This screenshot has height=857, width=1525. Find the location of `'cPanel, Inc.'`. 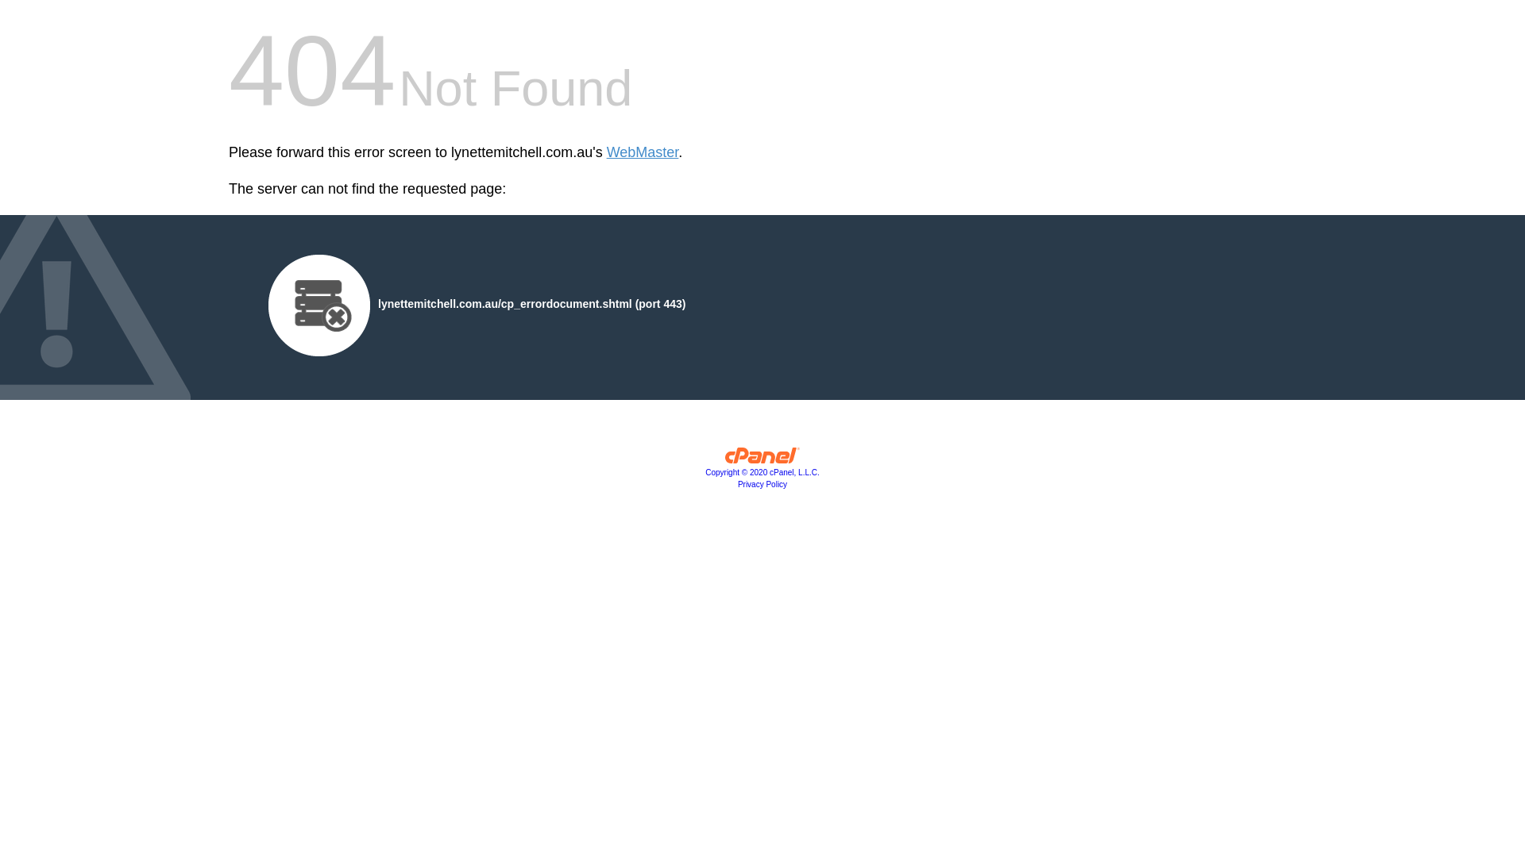

'cPanel, Inc.' is located at coordinates (762, 459).